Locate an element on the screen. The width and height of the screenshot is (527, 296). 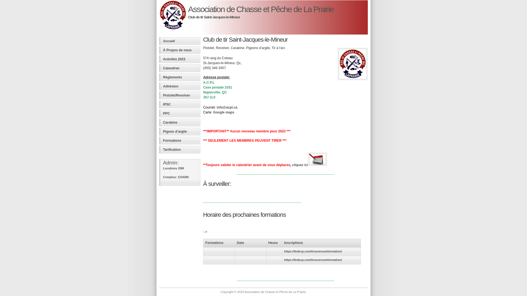
'Google maps' is located at coordinates (223, 112).